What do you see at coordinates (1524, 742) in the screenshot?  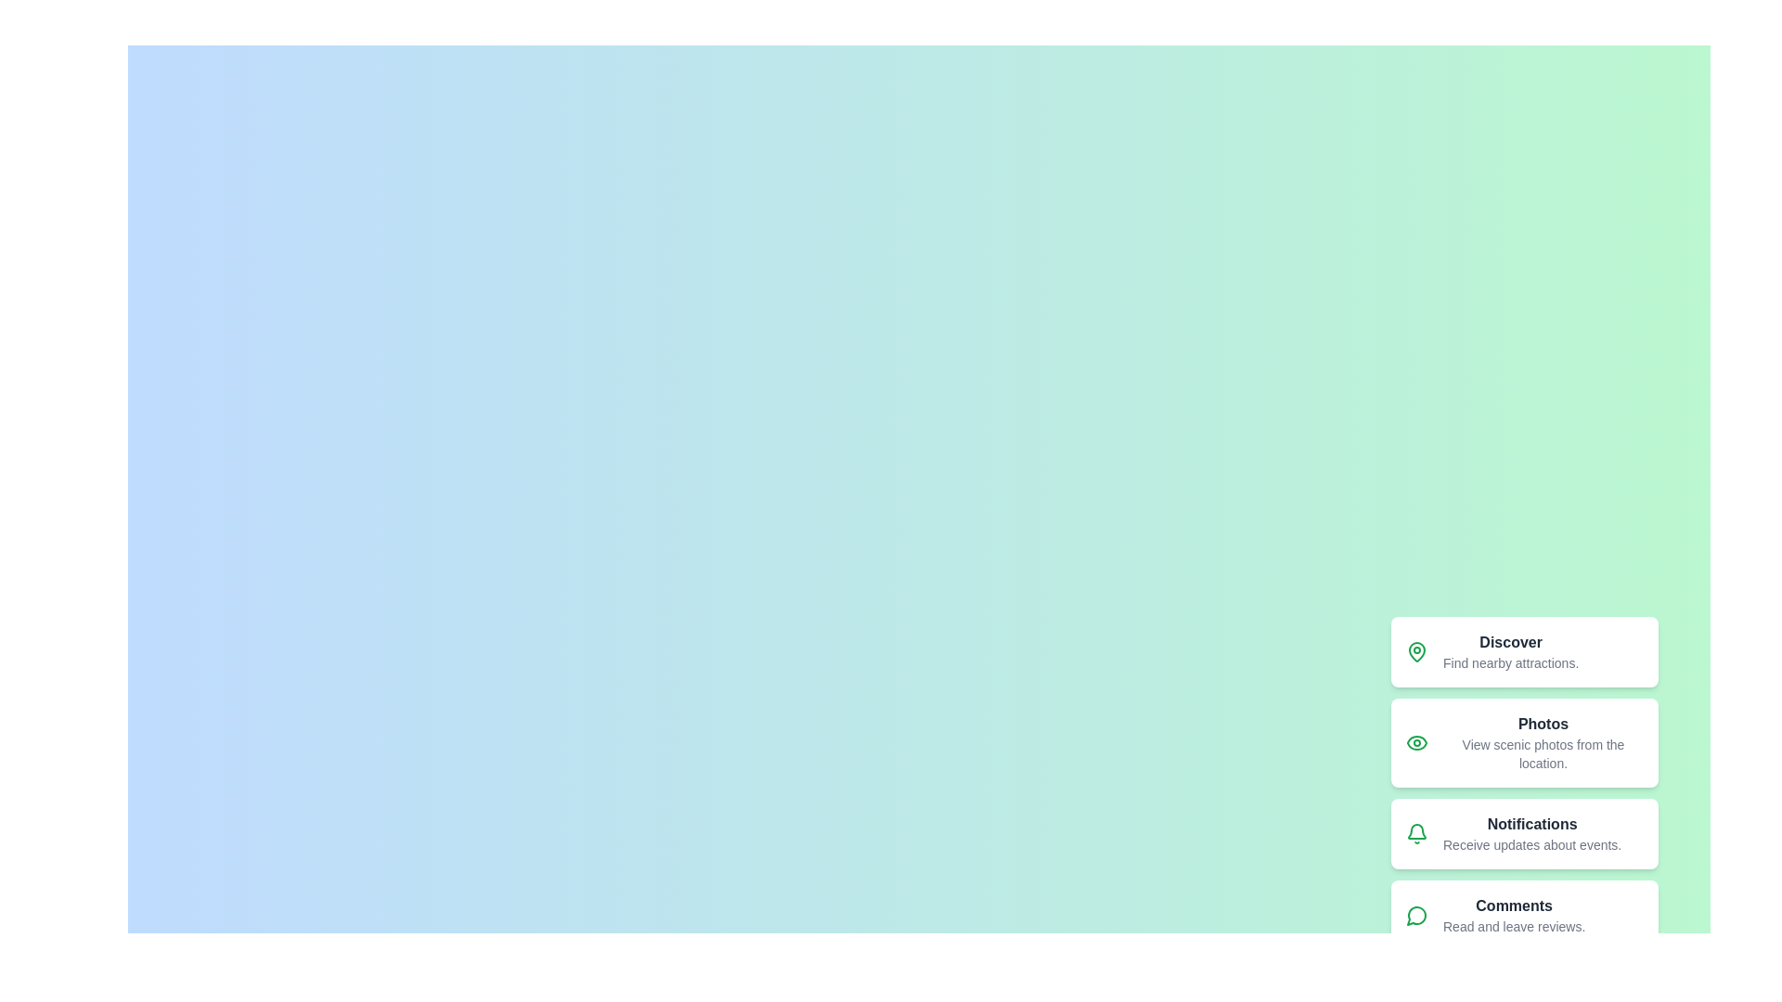 I see `the menu item labeled Photos from the speed dial menu` at bounding box center [1524, 742].